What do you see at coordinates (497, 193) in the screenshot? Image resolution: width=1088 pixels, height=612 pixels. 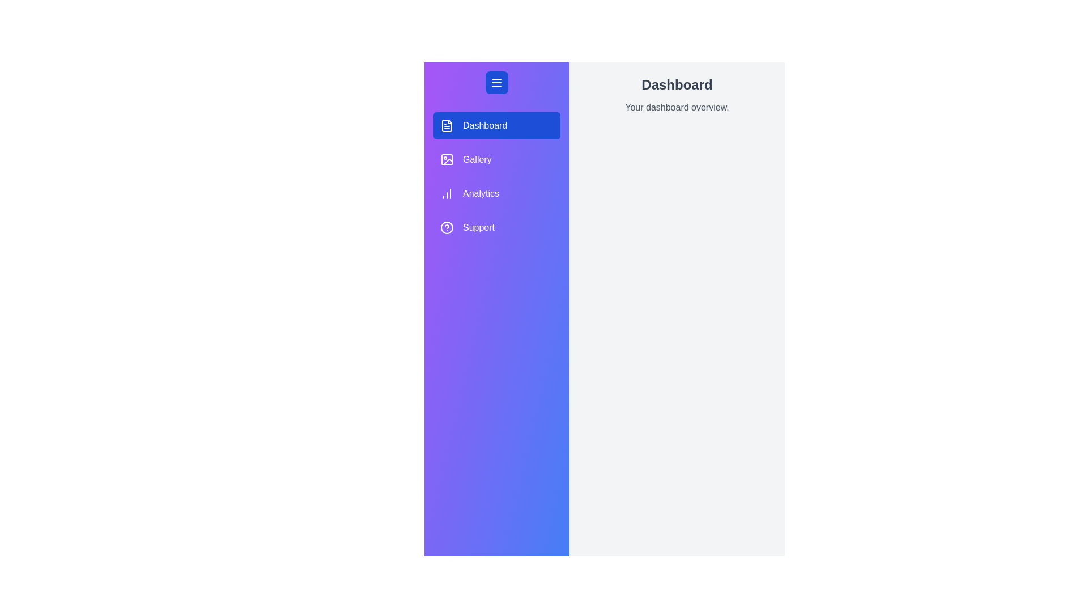 I see `the Analytics tab from the menu` at bounding box center [497, 193].